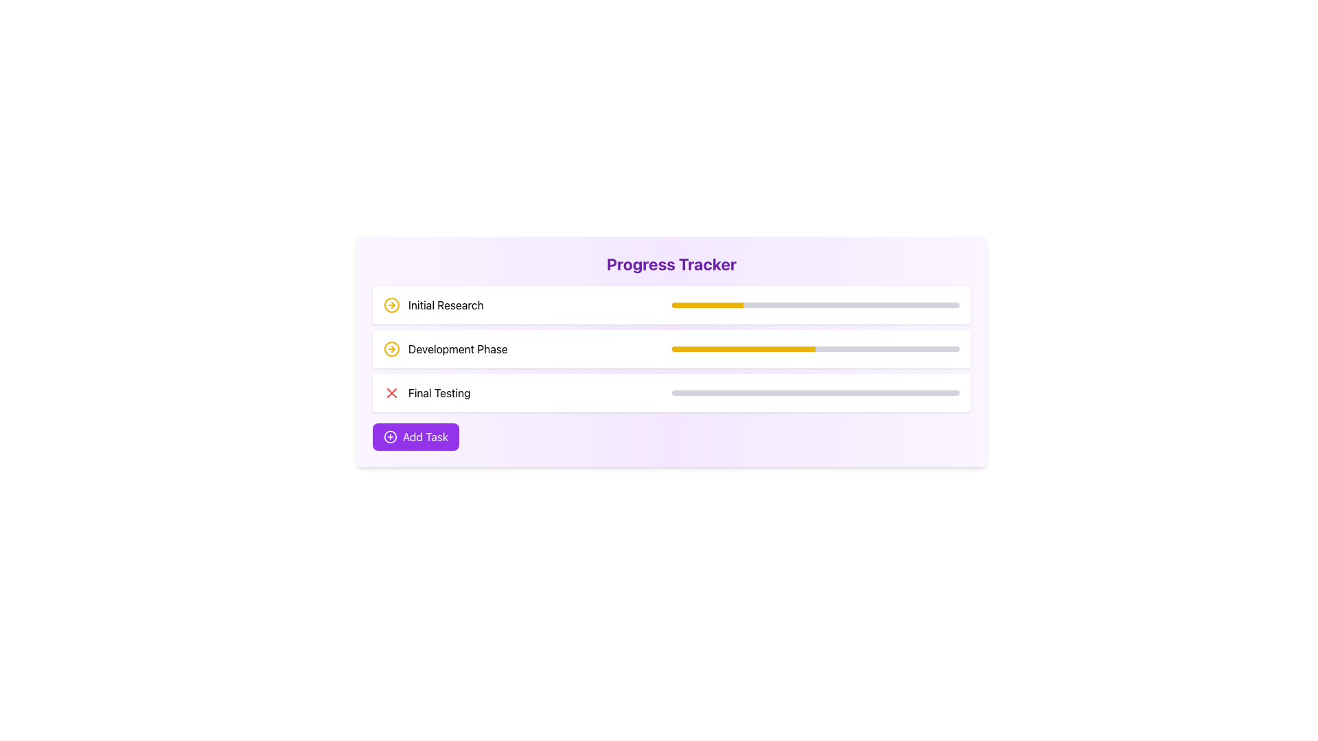 The width and height of the screenshot is (1318, 741). What do you see at coordinates (816, 393) in the screenshot?
I see `the horizontal progress bar located directly below the text 'Final Testing' in the third row of the task list` at bounding box center [816, 393].